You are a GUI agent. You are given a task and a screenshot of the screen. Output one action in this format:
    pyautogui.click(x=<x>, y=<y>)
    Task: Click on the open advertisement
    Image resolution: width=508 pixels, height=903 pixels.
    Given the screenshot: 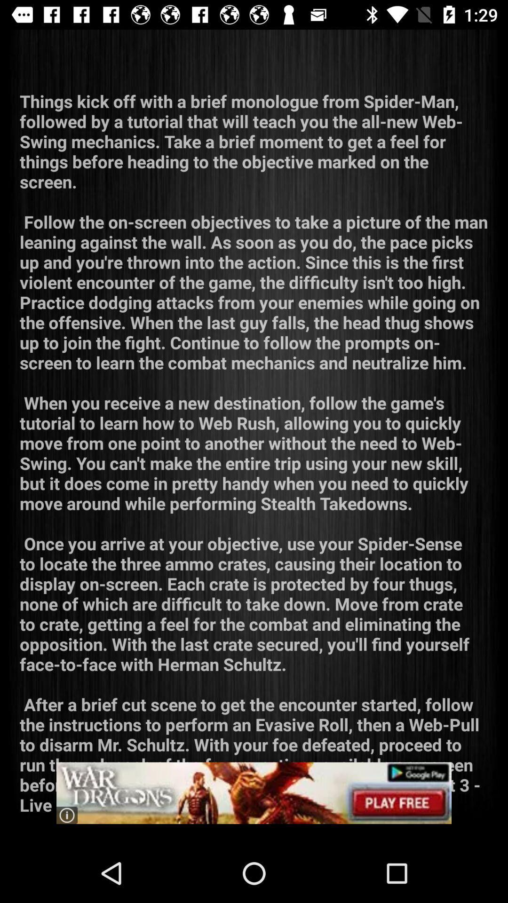 What is the action you would take?
    pyautogui.click(x=254, y=792)
    